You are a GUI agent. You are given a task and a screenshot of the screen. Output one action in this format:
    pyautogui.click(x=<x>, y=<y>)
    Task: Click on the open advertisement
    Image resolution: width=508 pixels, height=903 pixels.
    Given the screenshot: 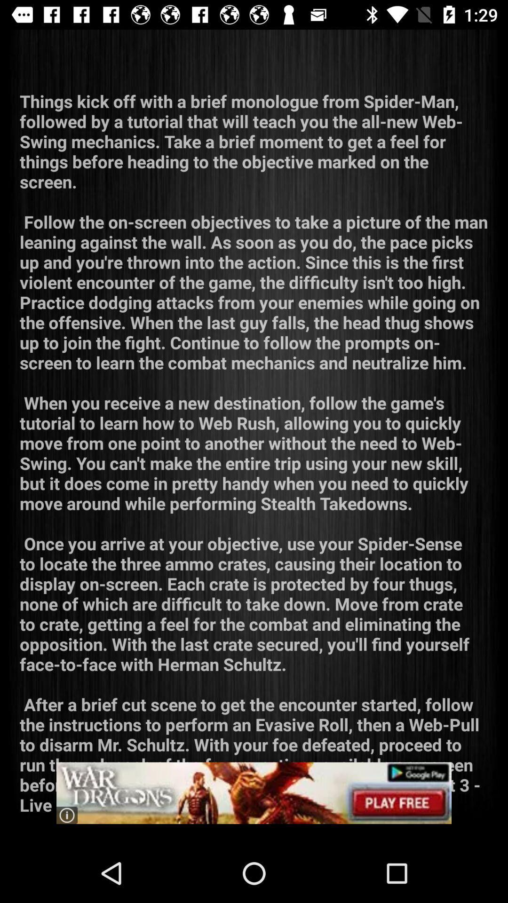 What is the action you would take?
    pyautogui.click(x=254, y=792)
    